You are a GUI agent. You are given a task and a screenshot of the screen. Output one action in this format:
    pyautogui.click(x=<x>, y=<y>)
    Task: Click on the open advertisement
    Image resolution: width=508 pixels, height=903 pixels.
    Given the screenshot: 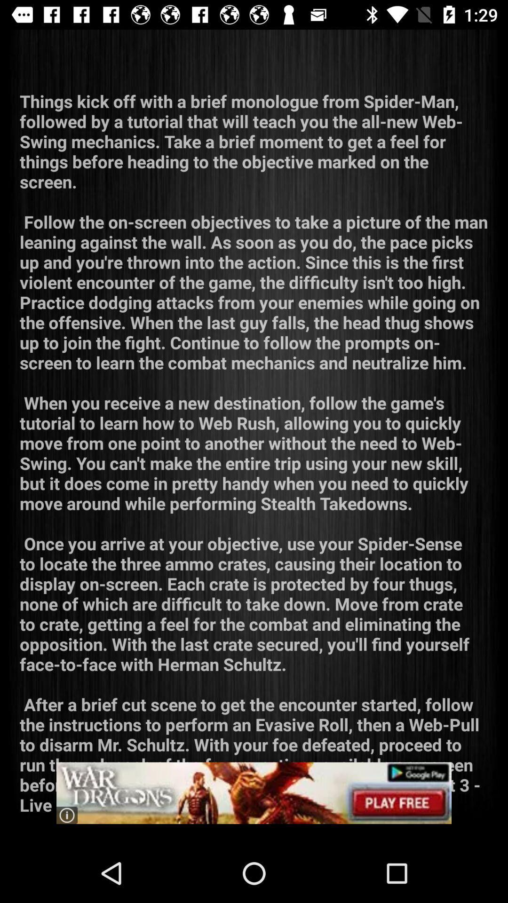 What is the action you would take?
    pyautogui.click(x=254, y=792)
    